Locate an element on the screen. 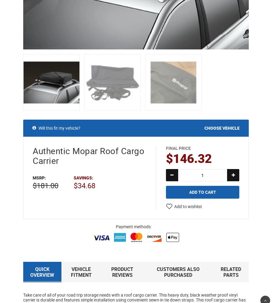 The width and height of the screenshot is (272, 303). 'Related Parts' is located at coordinates (231, 272).